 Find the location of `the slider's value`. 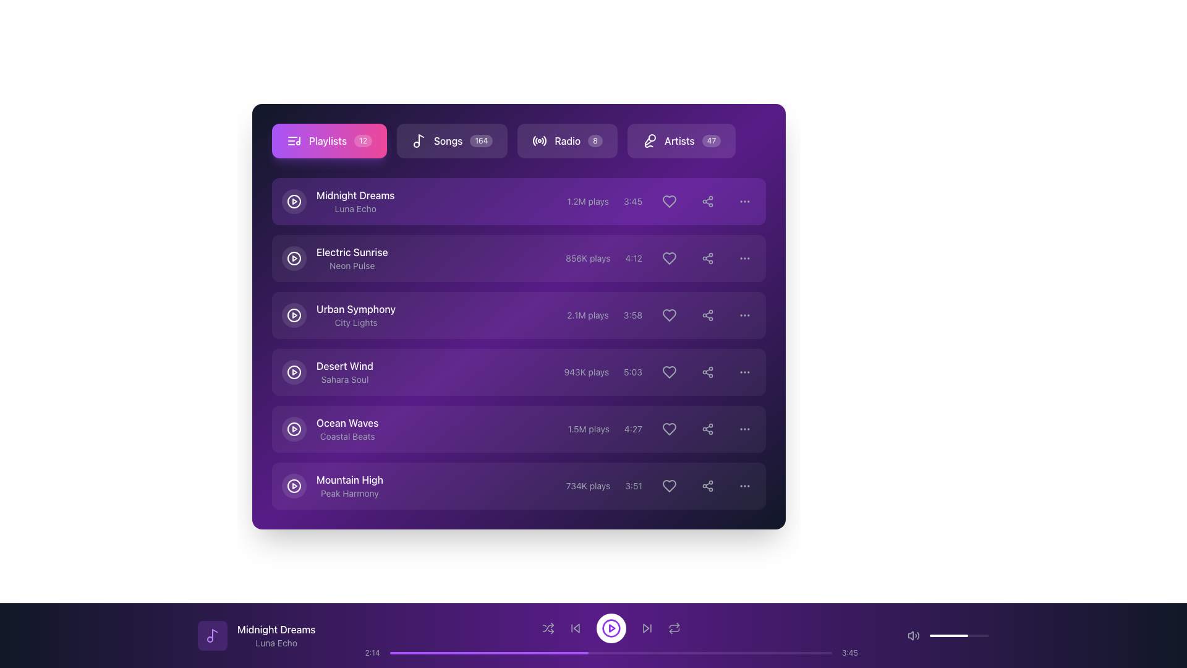

the slider's value is located at coordinates (983, 636).